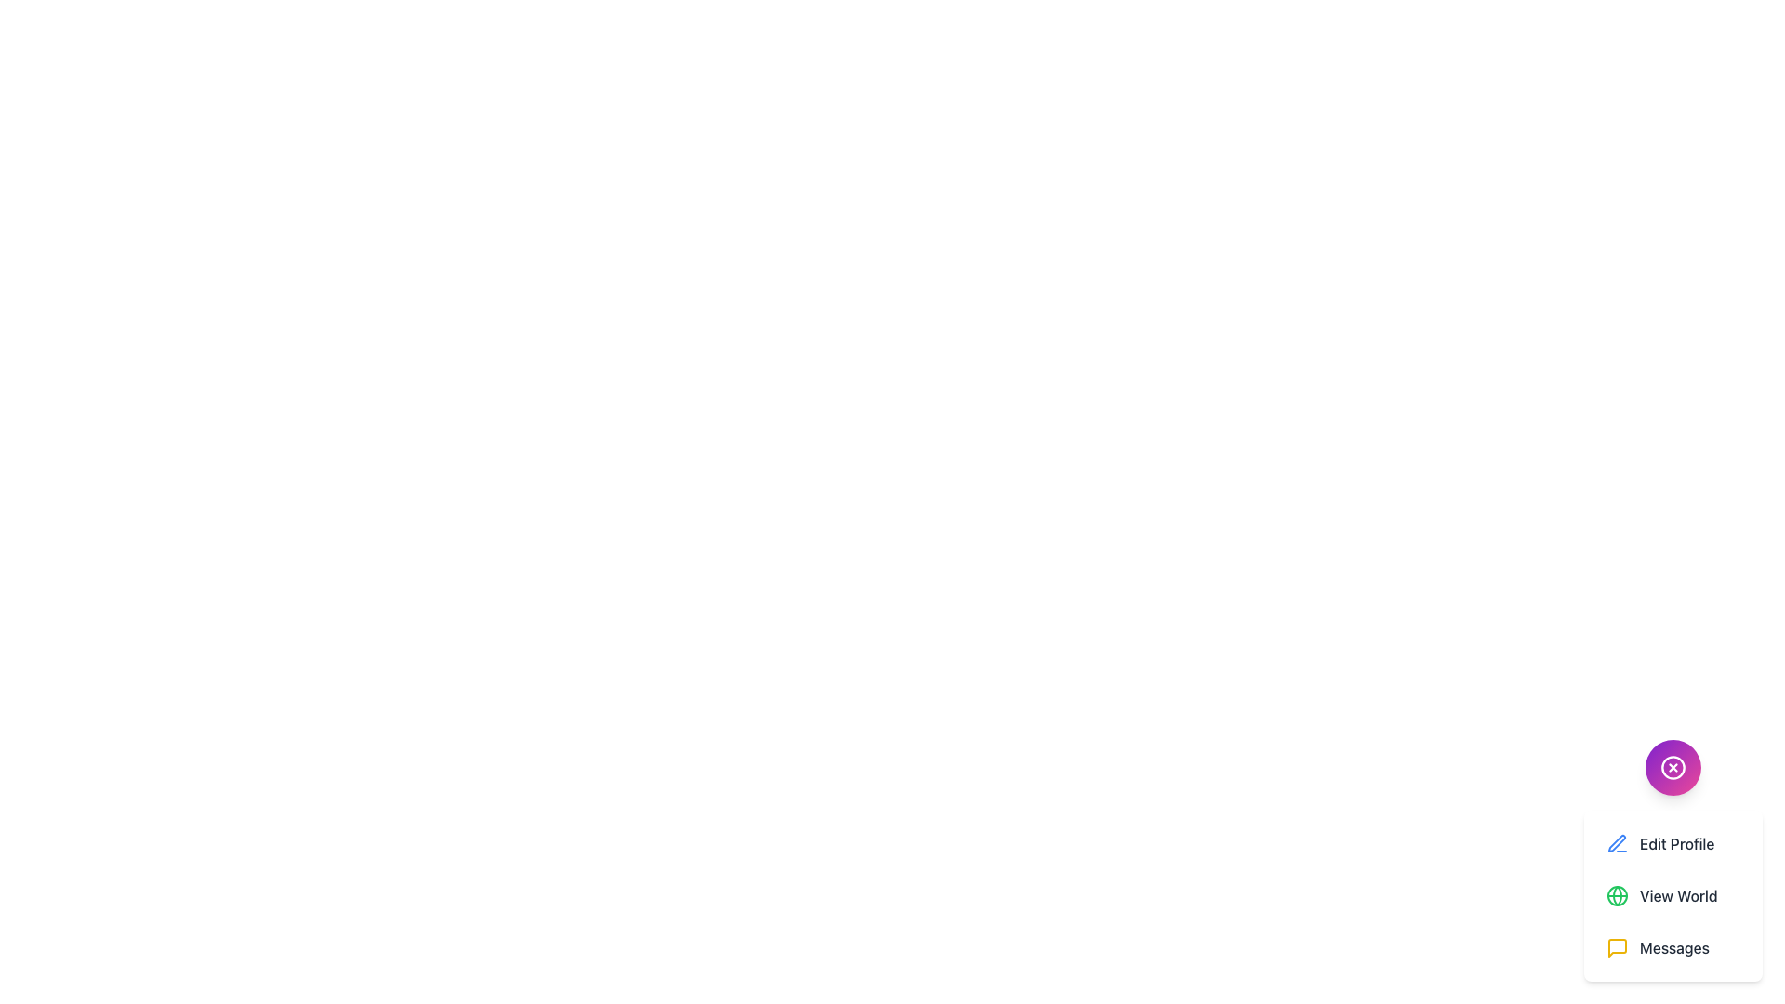  Describe the element at coordinates (1616, 843) in the screenshot. I see `the pen icon located in the bottom-right corner of the interface, above the 'Edit Profile' and 'View World' menu options` at that location.